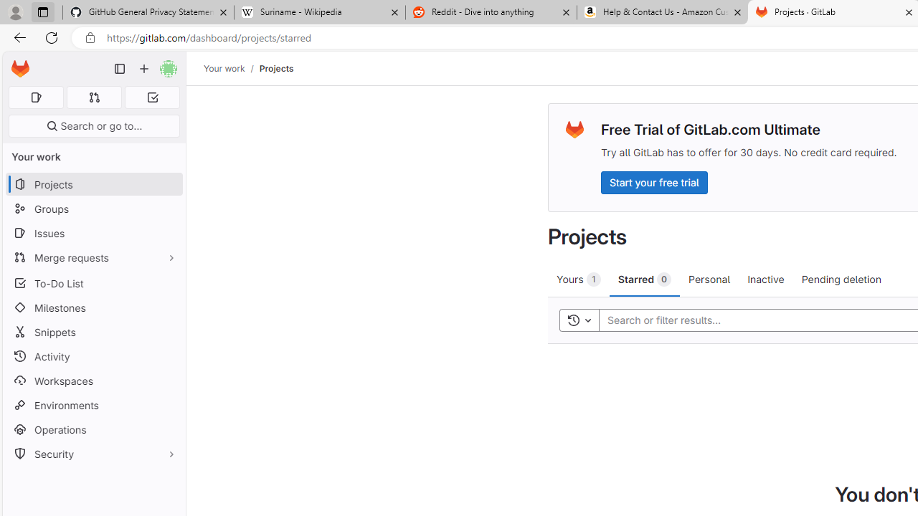 The height and width of the screenshot is (516, 918). Describe the element at coordinates (93, 232) in the screenshot. I see `'Issues'` at that location.